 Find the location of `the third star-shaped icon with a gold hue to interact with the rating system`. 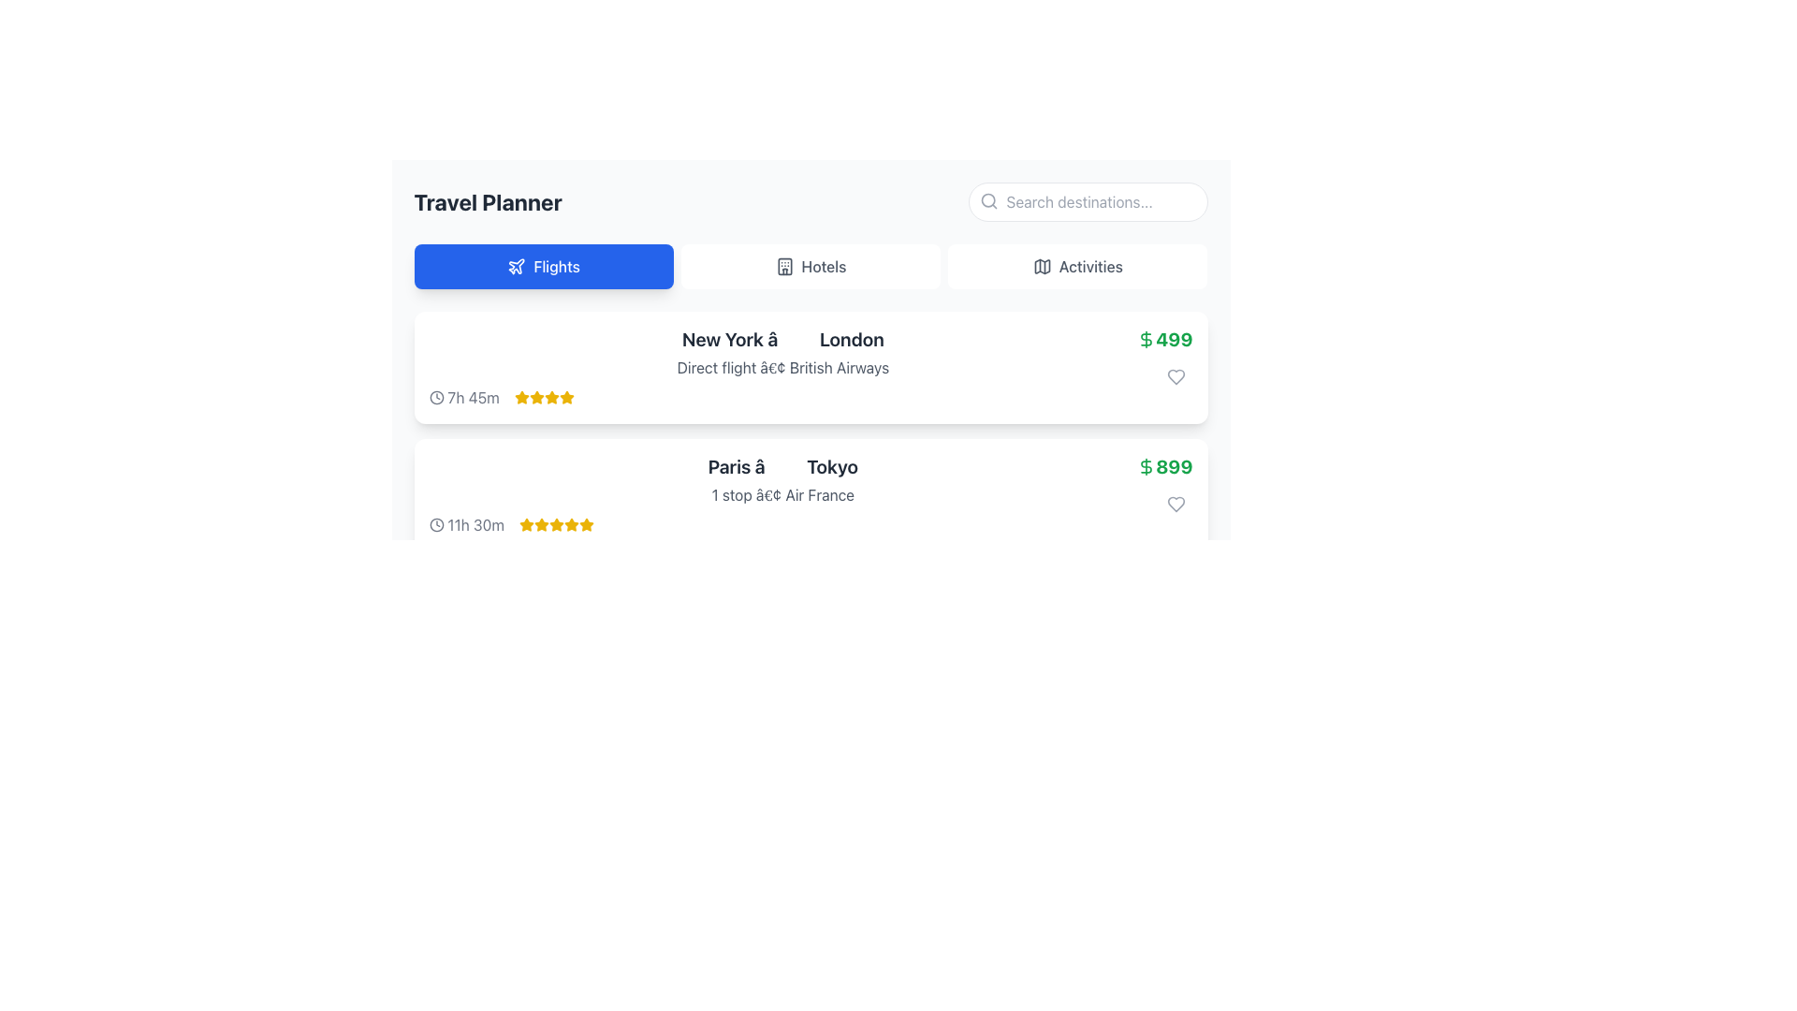

the third star-shaped icon with a gold hue to interact with the rating system is located at coordinates (541, 524).